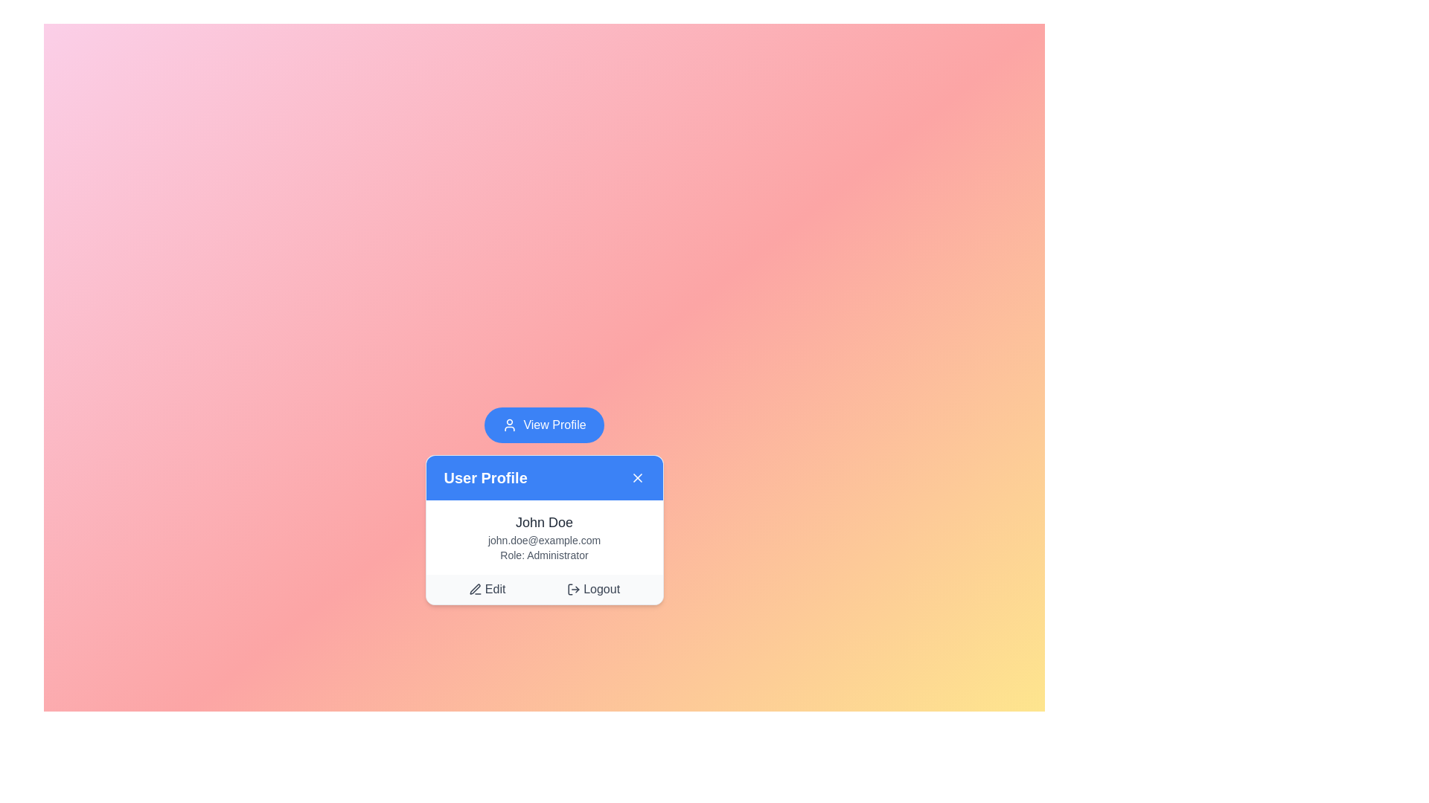  What do you see at coordinates (637, 478) in the screenshot?
I see `the close icon ('X') button located on the far-right side of the blue header bar labeled 'User Profile'` at bounding box center [637, 478].